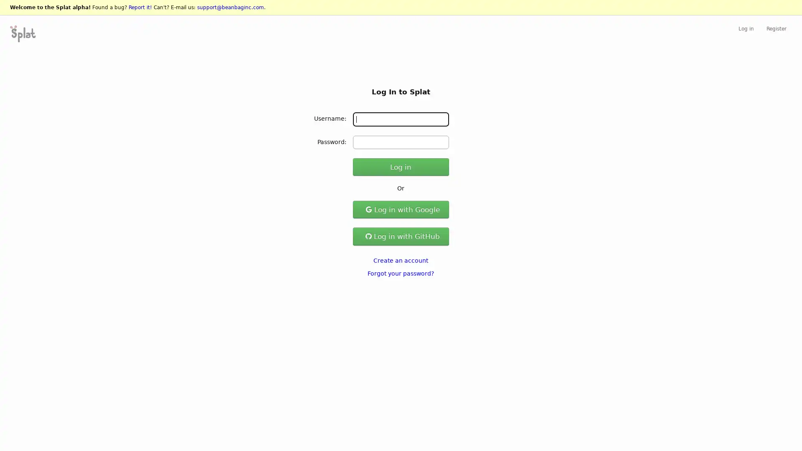 The width and height of the screenshot is (802, 451). Describe the element at coordinates (400, 167) in the screenshot. I see `Log in` at that location.